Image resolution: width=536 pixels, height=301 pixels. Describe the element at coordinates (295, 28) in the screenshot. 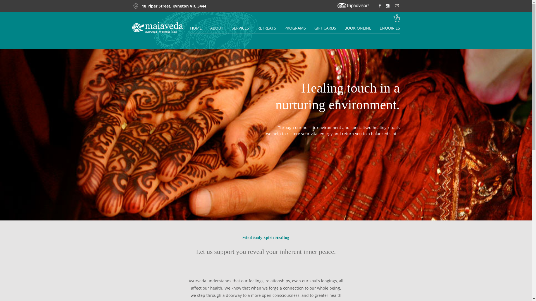

I see `'PROGRAMS'` at that location.